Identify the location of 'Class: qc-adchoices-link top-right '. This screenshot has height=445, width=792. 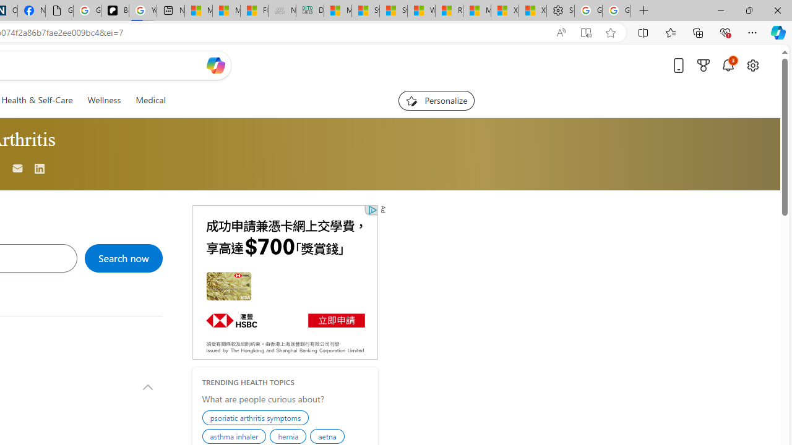
(371, 209).